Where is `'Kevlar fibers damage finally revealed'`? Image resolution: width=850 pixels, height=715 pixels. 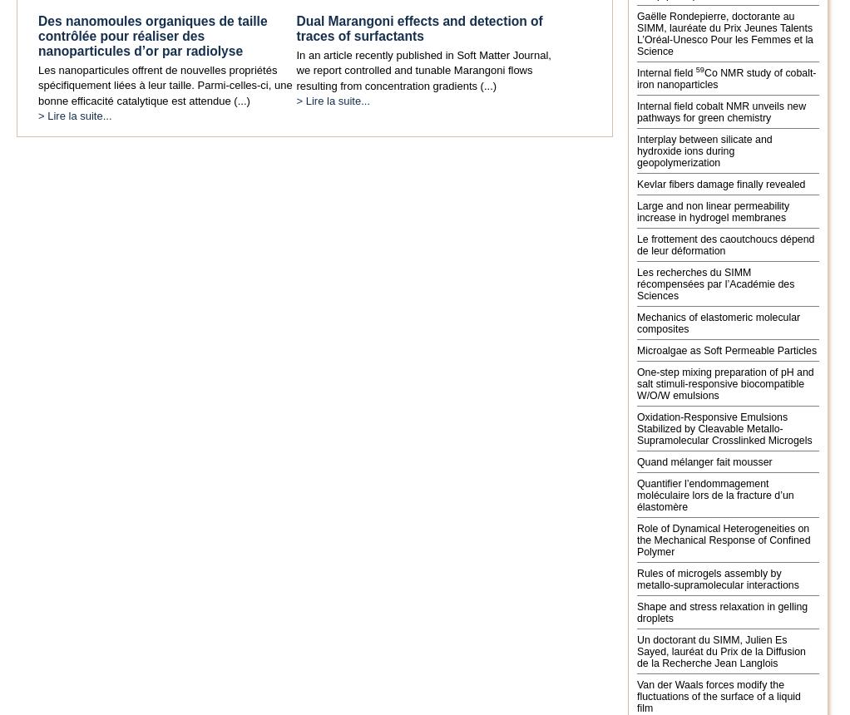
'Kevlar fibers damage finally revealed' is located at coordinates (720, 184).